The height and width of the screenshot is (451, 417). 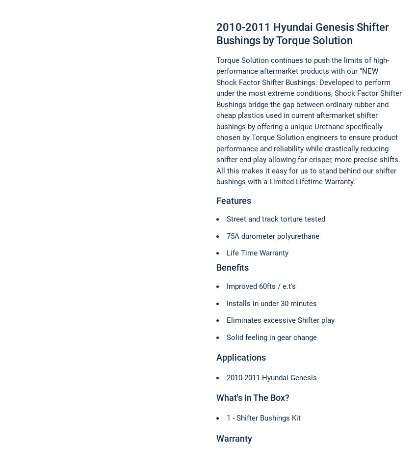 What do you see at coordinates (302, 33) in the screenshot?
I see `'2010-2011 Hyundai Genesis Shifter Bushings by Torque Solution'` at bounding box center [302, 33].